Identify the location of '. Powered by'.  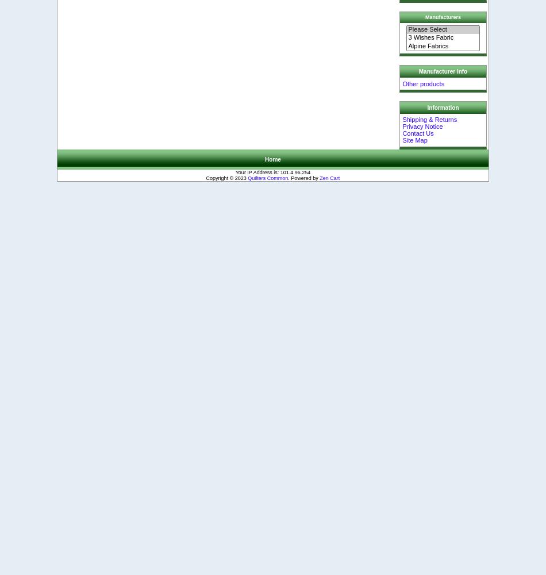
(303, 178).